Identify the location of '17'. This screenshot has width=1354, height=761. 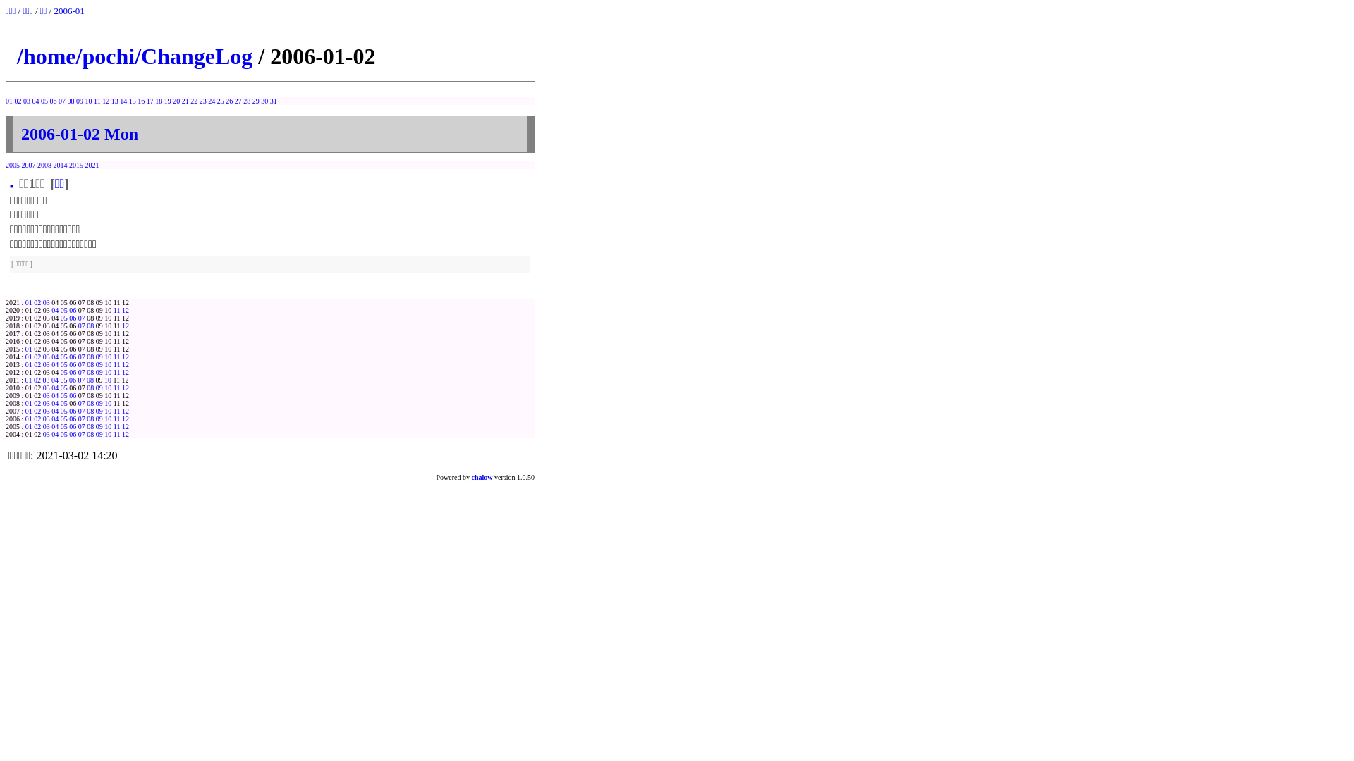
(150, 100).